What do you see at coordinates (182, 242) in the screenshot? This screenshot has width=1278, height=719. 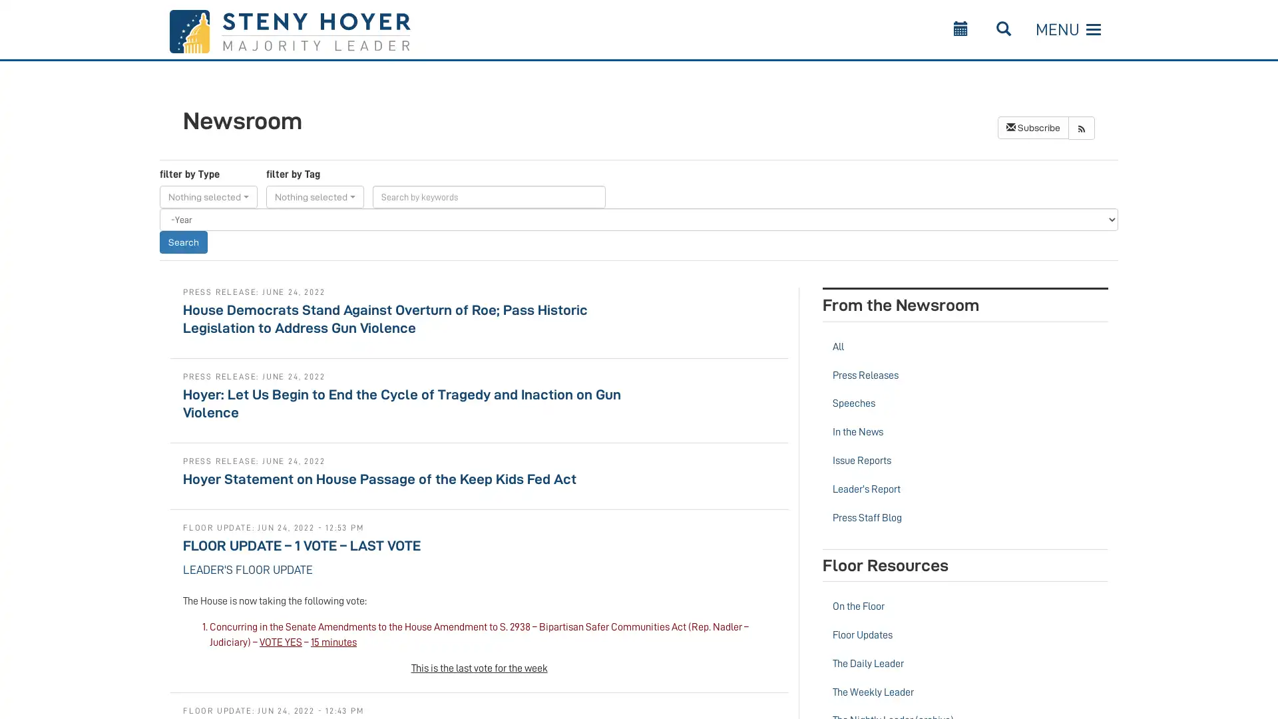 I see `Search` at bounding box center [182, 242].